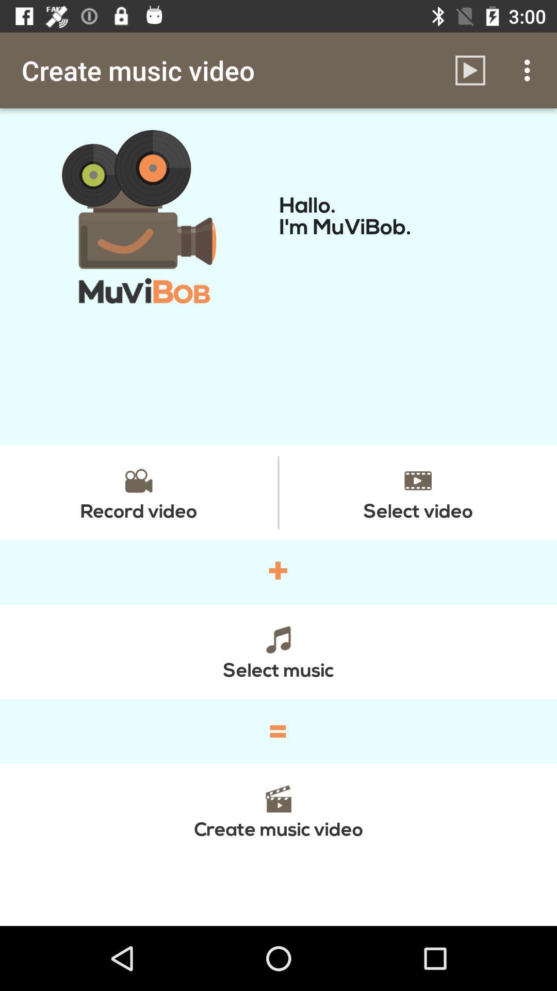  What do you see at coordinates (418, 492) in the screenshot?
I see `the item next to the record video item` at bounding box center [418, 492].